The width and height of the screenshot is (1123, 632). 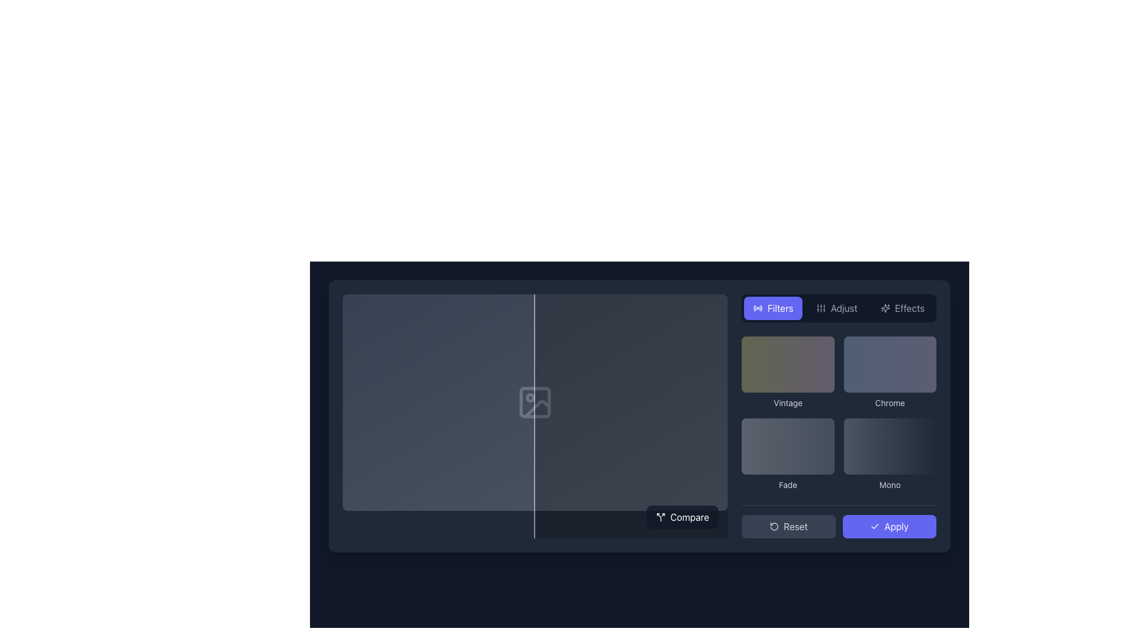 What do you see at coordinates (886, 308) in the screenshot?
I see `the small, stylized sparkle or star icon located within the 'Effects' button, positioned to the left of the textual label 'Effects'` at bounding box center [886, 308].